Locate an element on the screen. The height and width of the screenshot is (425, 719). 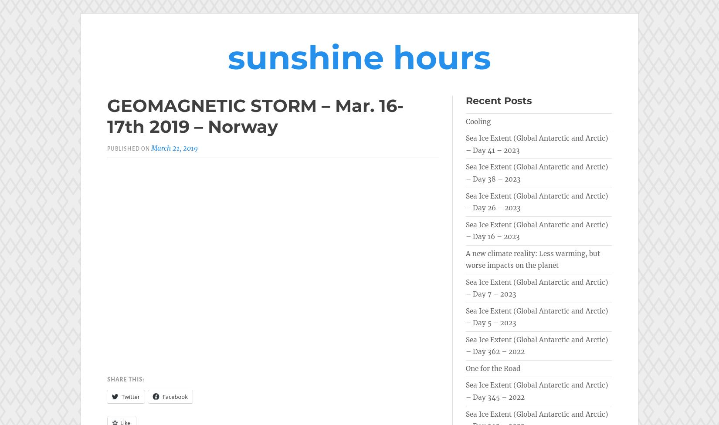
'sunshine hours' is located at coordinates (359, 57).